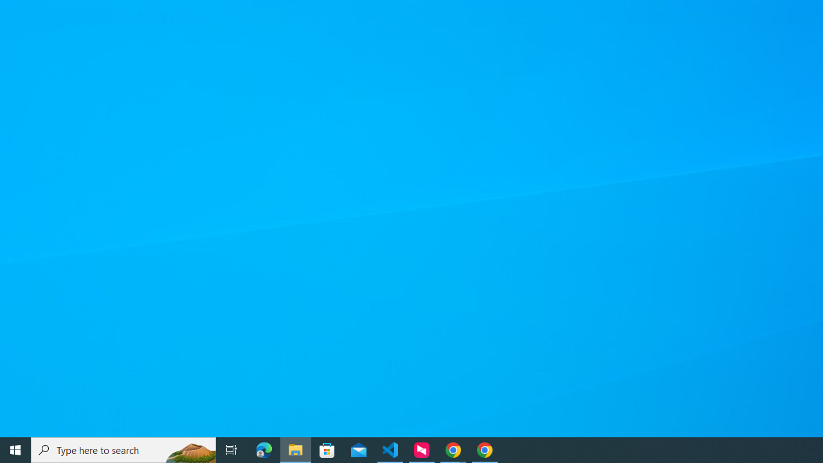 The width and height of the screenshot is (823, 463). Describe the element at coordinates (123, 449) in the screenshot. I see `'Type here to search'` at that location.